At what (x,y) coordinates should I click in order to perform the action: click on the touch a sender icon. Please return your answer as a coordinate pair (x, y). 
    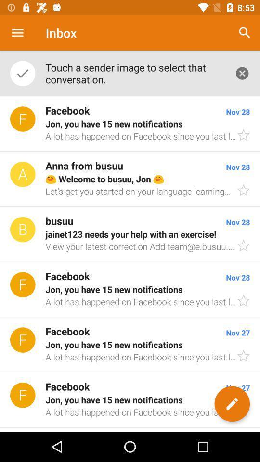
    Looking at the image, I should click on (134, 73).